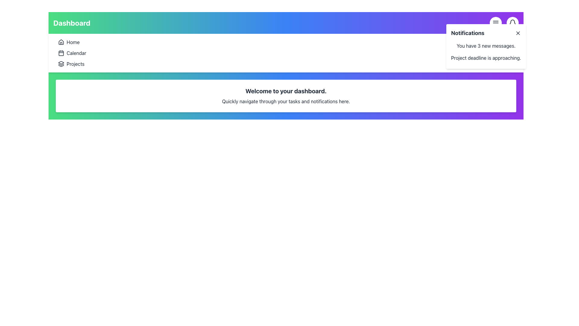 The height and width of the screenshot is (326, 579). I want to click on the top-right menu toggle button, so click(495, 23).